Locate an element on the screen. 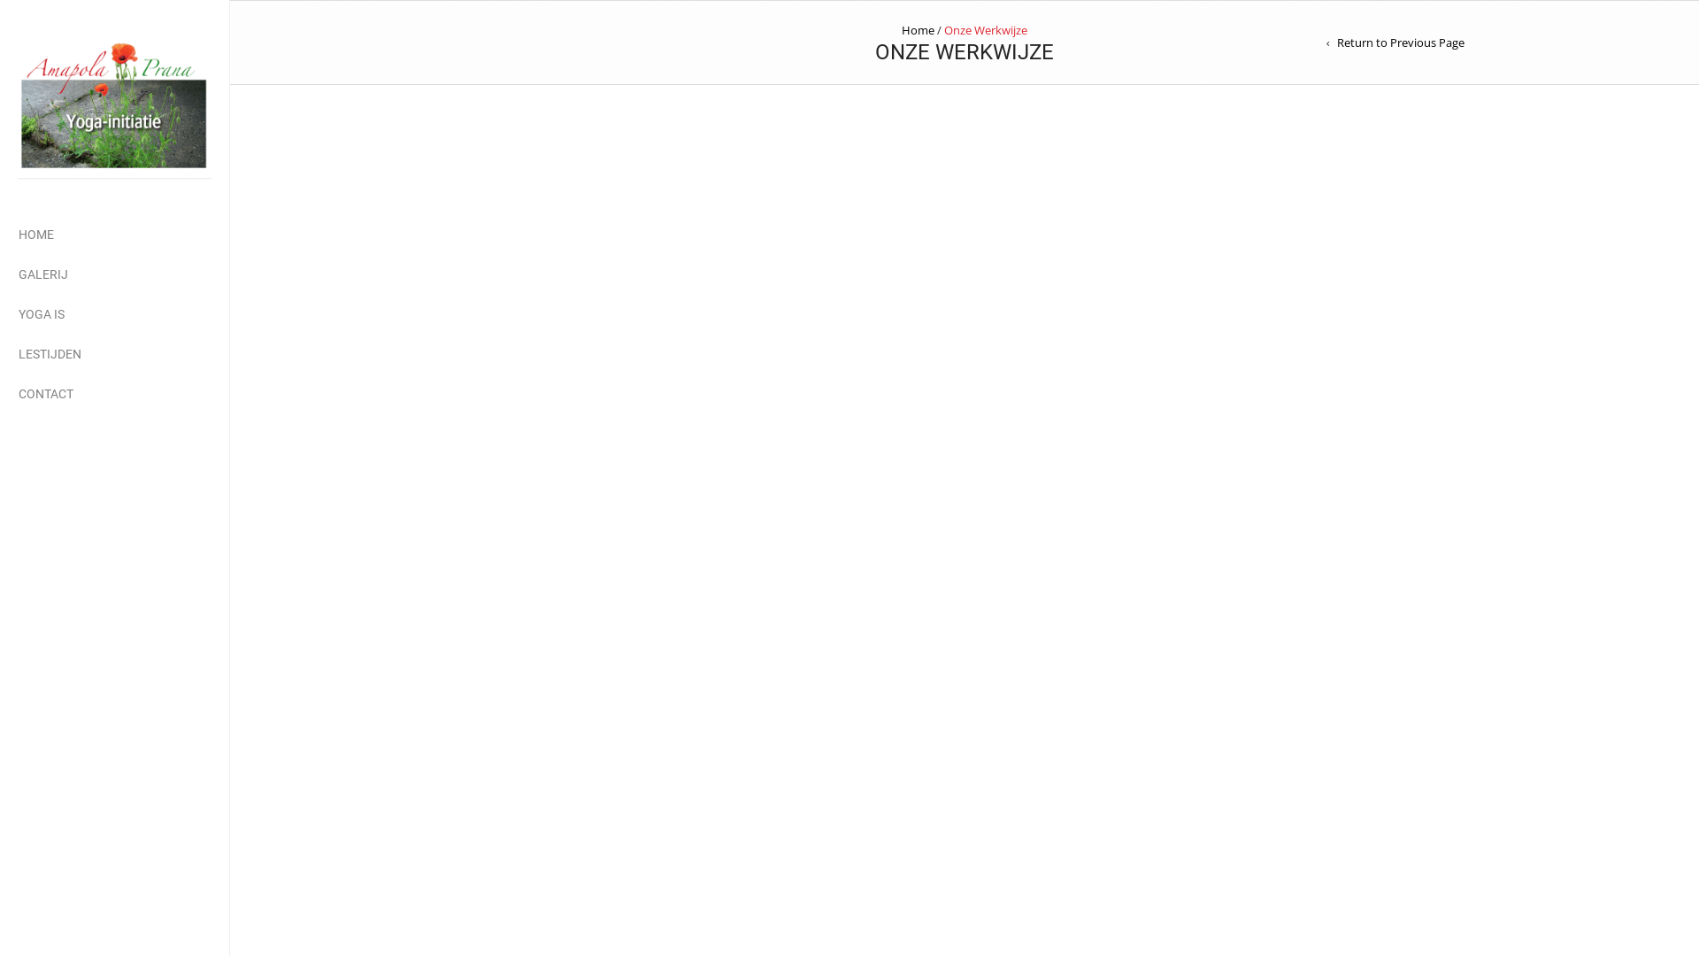  'Home' is located at coordinates (918, 30).